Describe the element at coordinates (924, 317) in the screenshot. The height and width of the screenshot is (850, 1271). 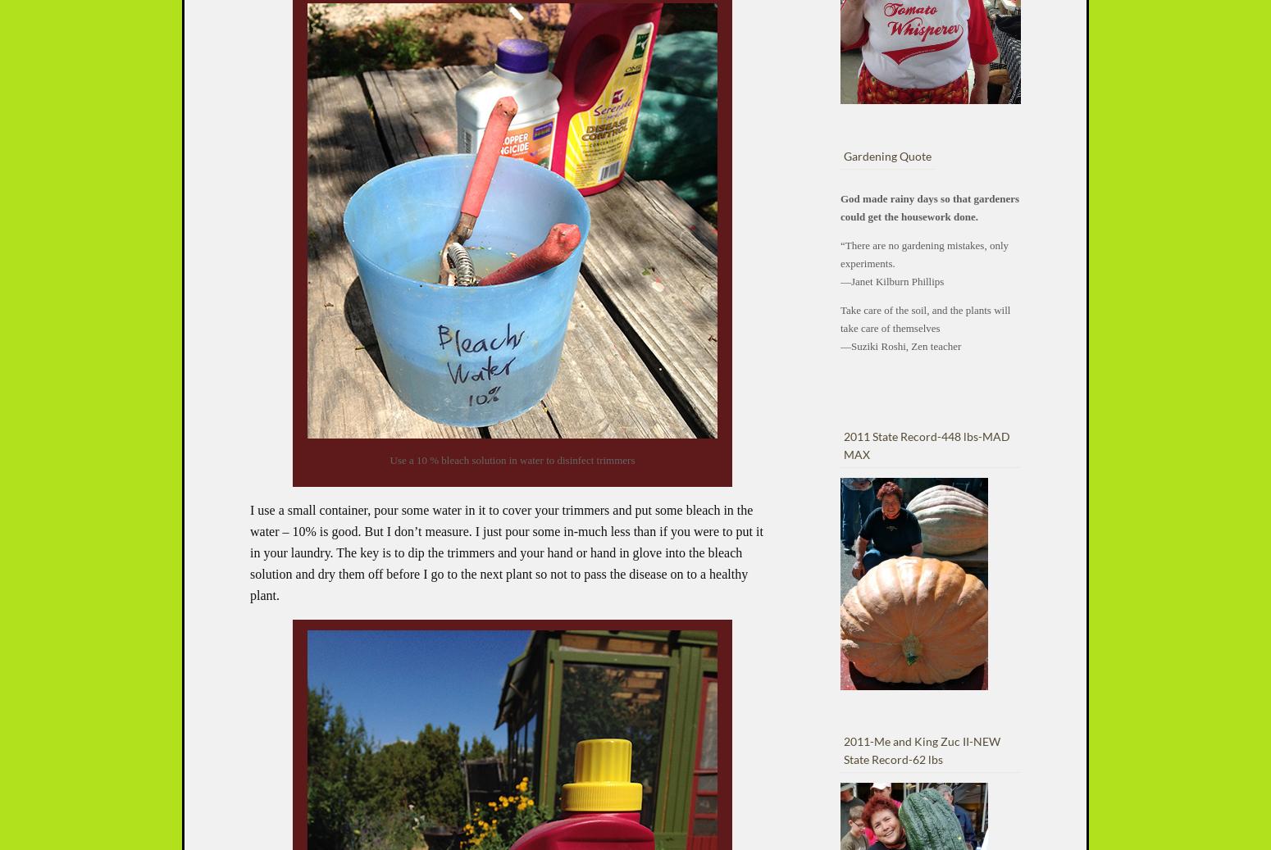
I see `'Take care of the soil, and the plants will take care of themselves'` at that location.